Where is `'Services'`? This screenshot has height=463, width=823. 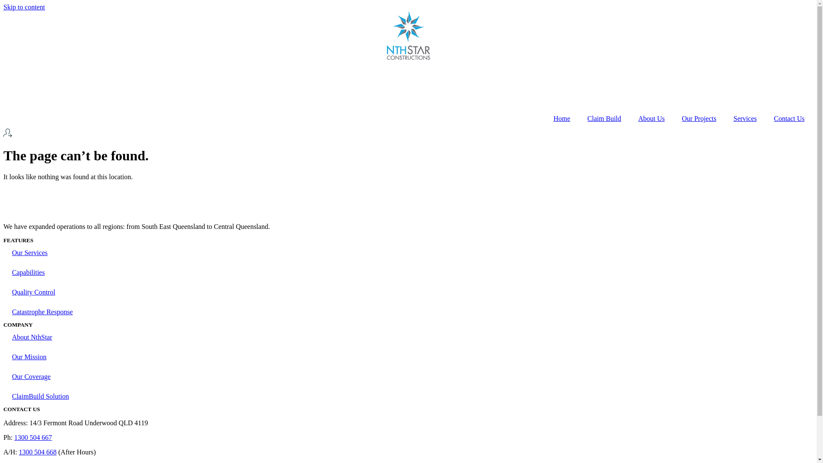
'Services' is located at coordinates (744, 119).